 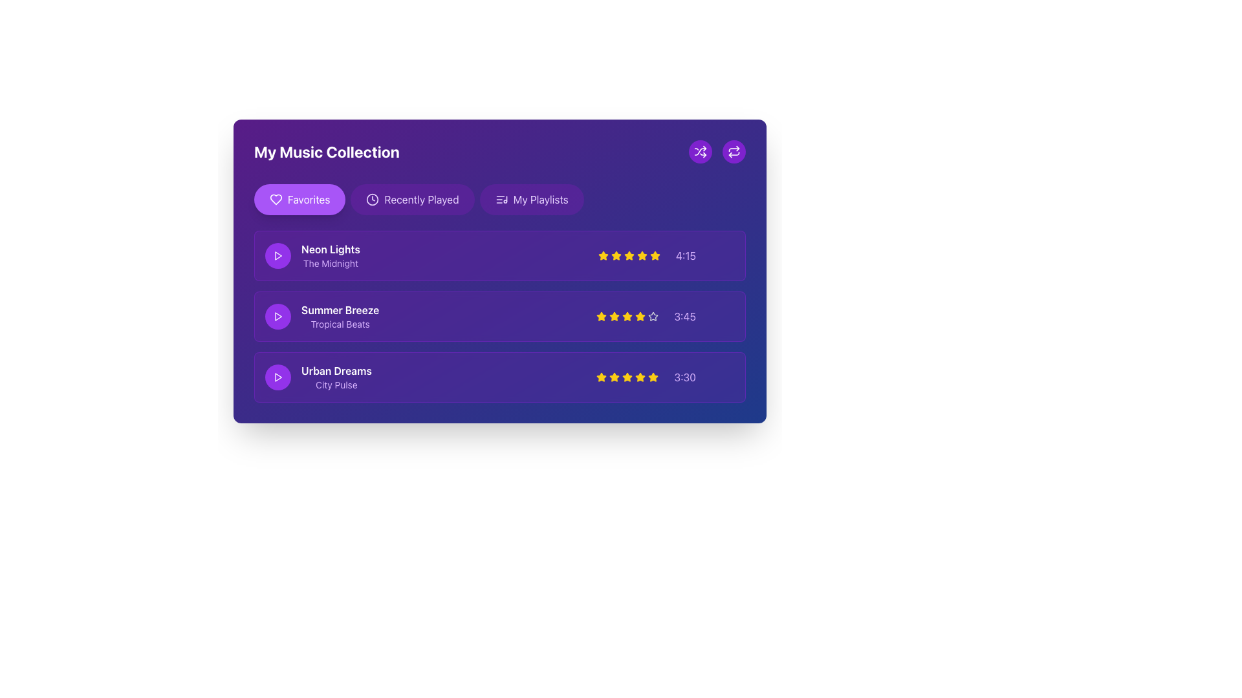 What do you see at coordinates (602, 255) in the screenshot?
I see `the second yellow rating star icon in the rating section of the first music item` at bounding box center [602, 255].